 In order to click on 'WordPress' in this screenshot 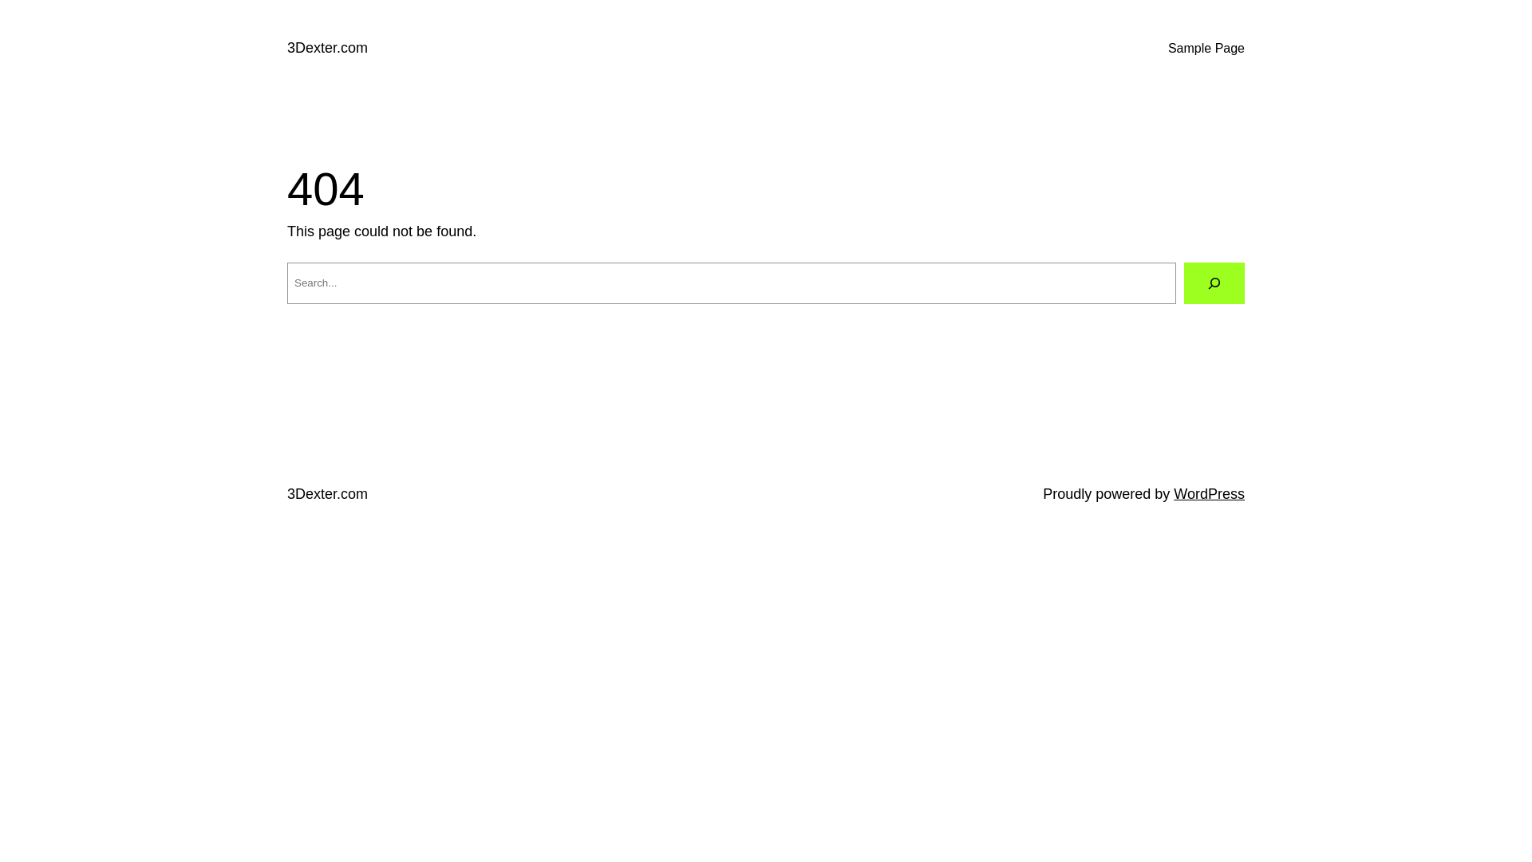, I will do `click(1173, 492)`.